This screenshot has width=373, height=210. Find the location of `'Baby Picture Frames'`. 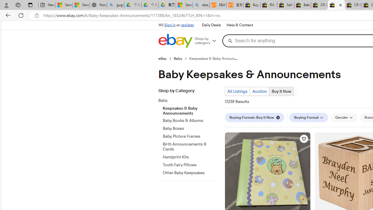

'Baby Picture Frames' is located at coordinates (190, 136).